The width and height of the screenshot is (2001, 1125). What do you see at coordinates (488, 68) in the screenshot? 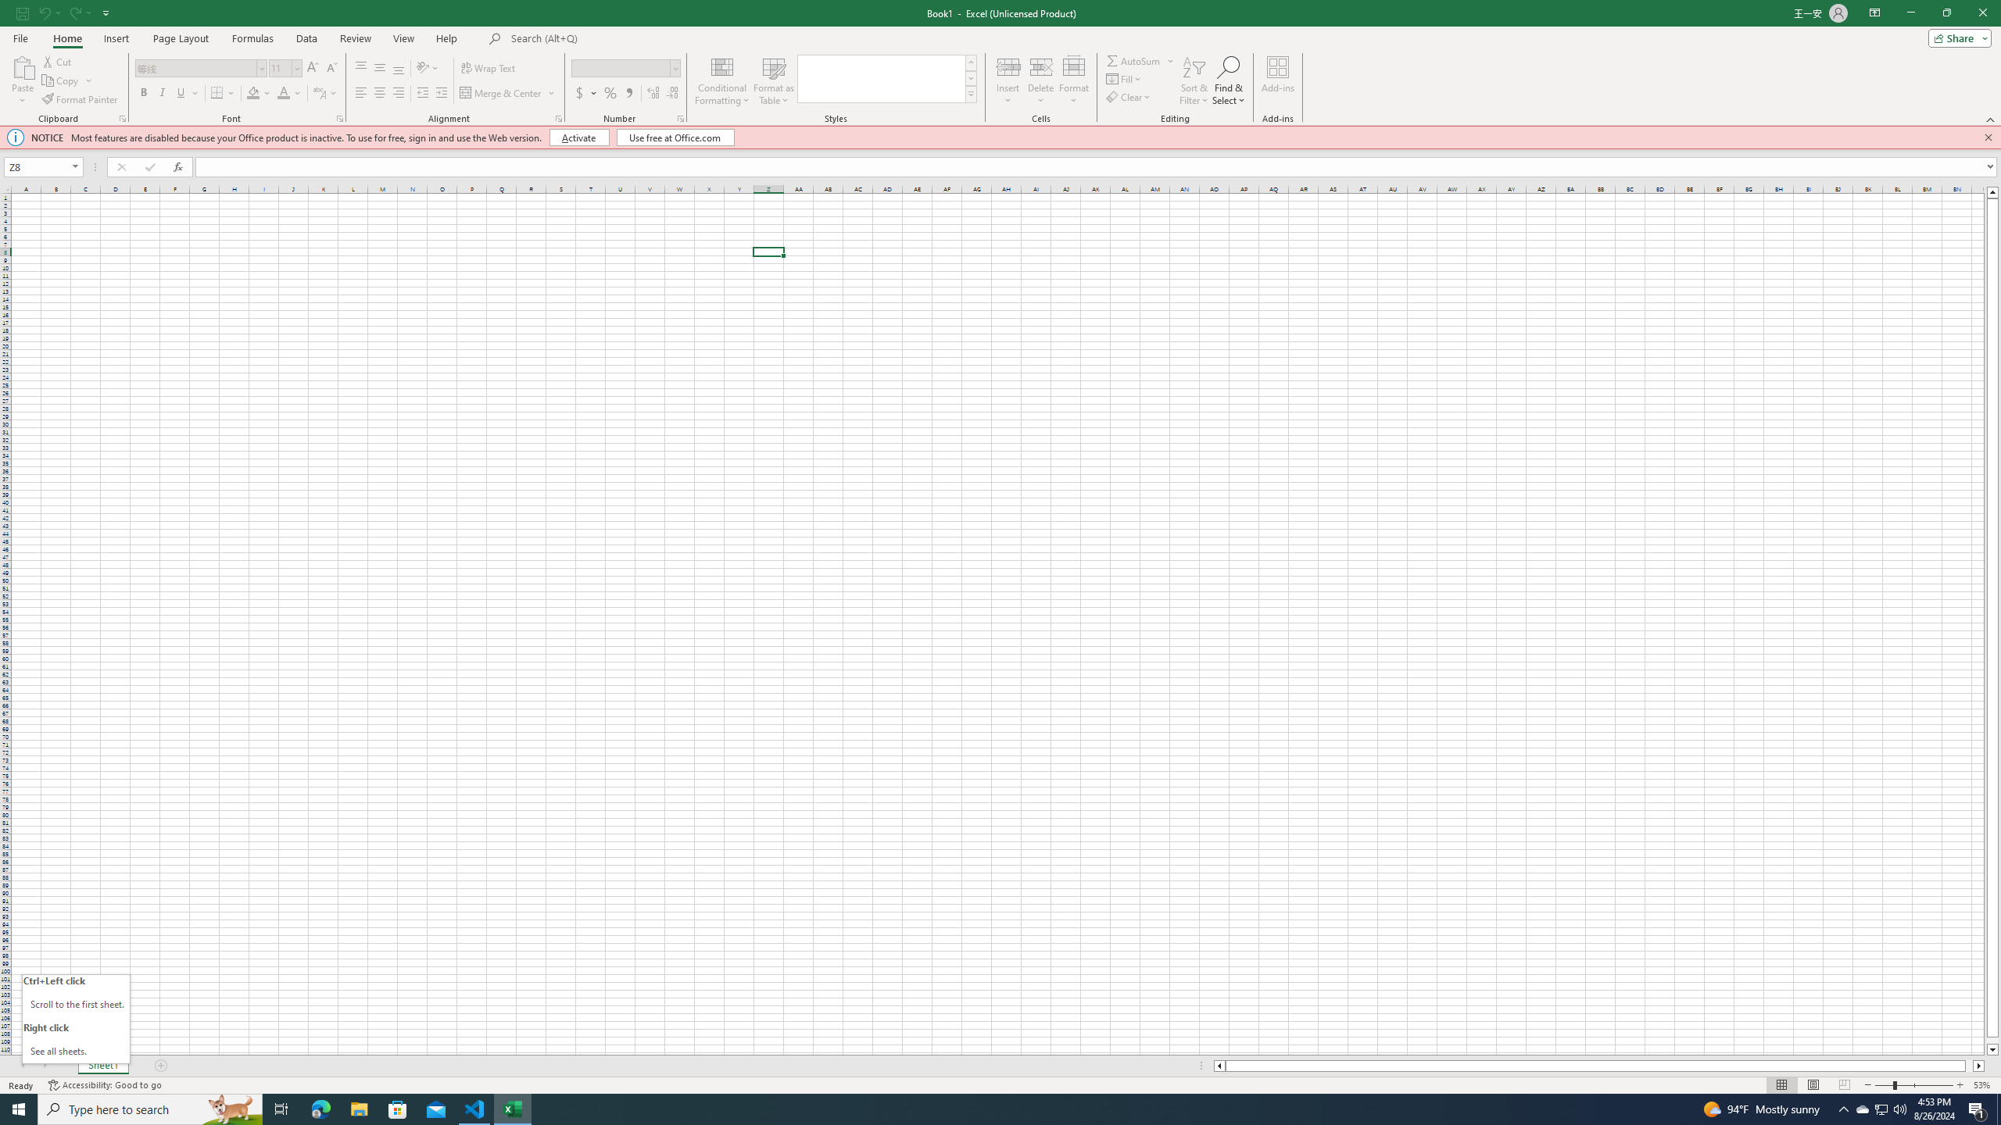
I see `'Wrap Text'` at bounding box center [488, 68].